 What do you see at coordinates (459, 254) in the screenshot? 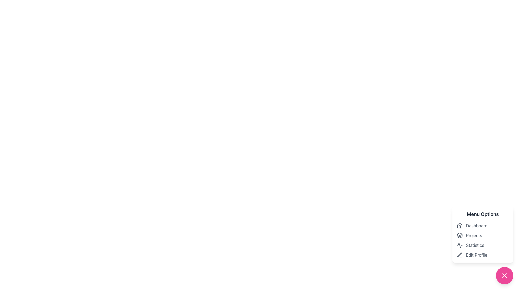
I see `the pen icon adjacent to the 'Edit Profile' text in the bottom-right corner of the menu options section to initiate editing actions` at bounding box center [459, 254].